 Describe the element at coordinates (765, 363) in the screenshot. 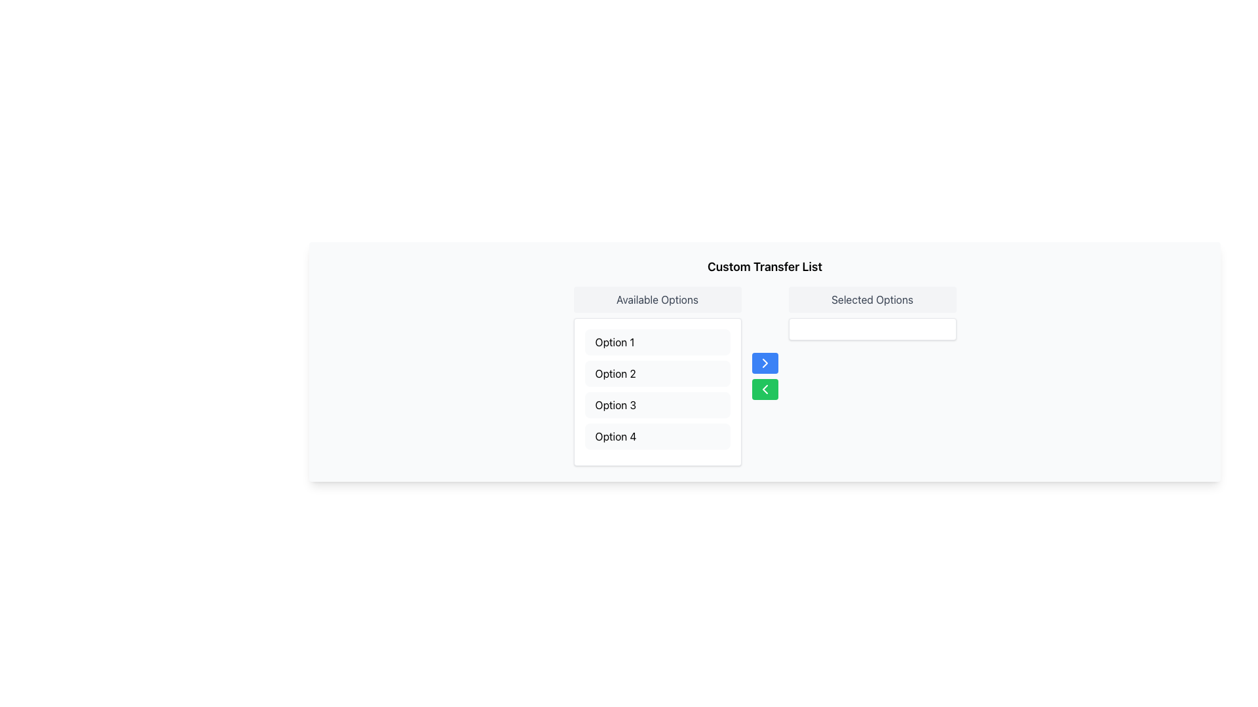

I see `the rightward-facing chevron icon with a blue background and white outline stroke, located within a small button between the 'Available Options' and 'Selected Options' sections` at that location.